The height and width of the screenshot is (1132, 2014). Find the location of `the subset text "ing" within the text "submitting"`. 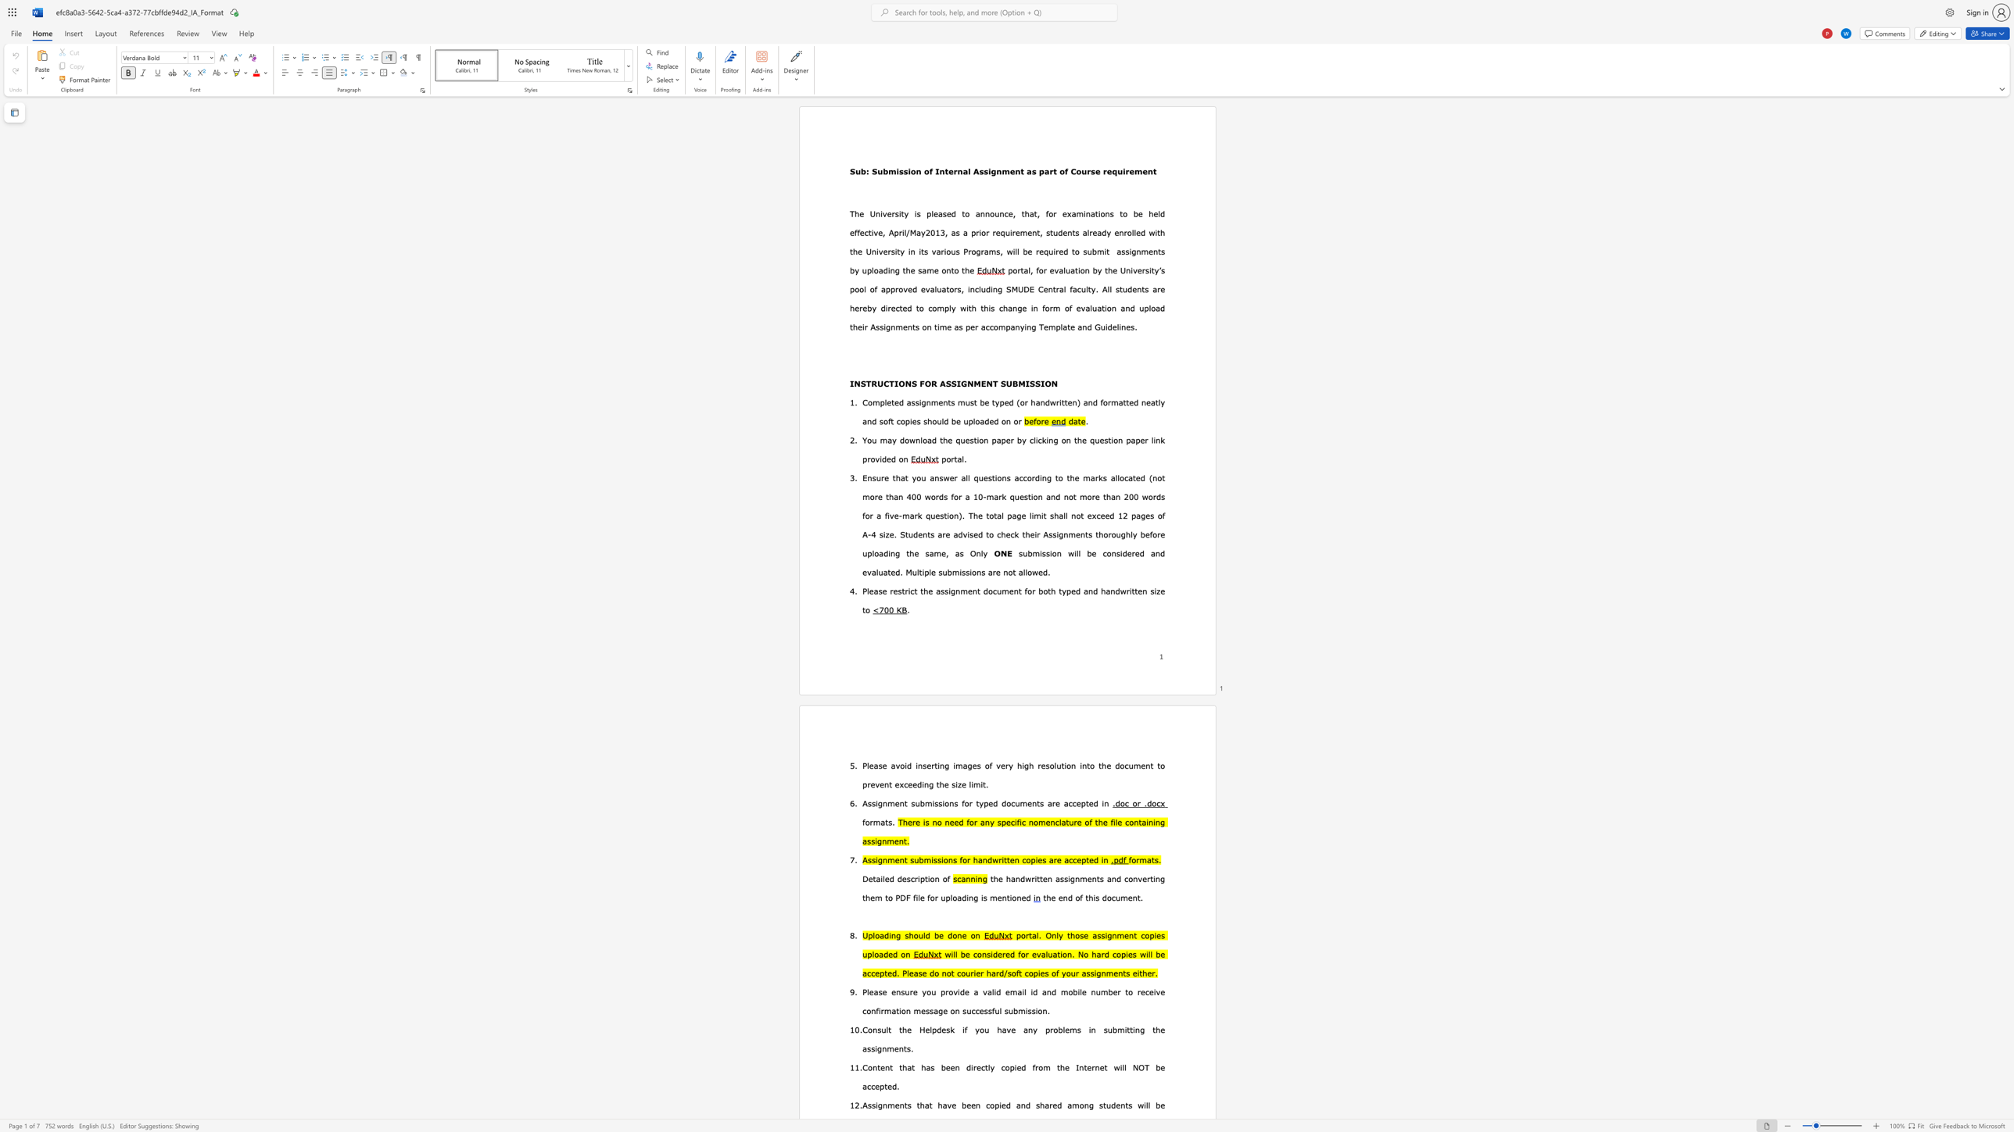

the subset text "ing" within the text "submitting" is located at coordinates (1132, 1029).